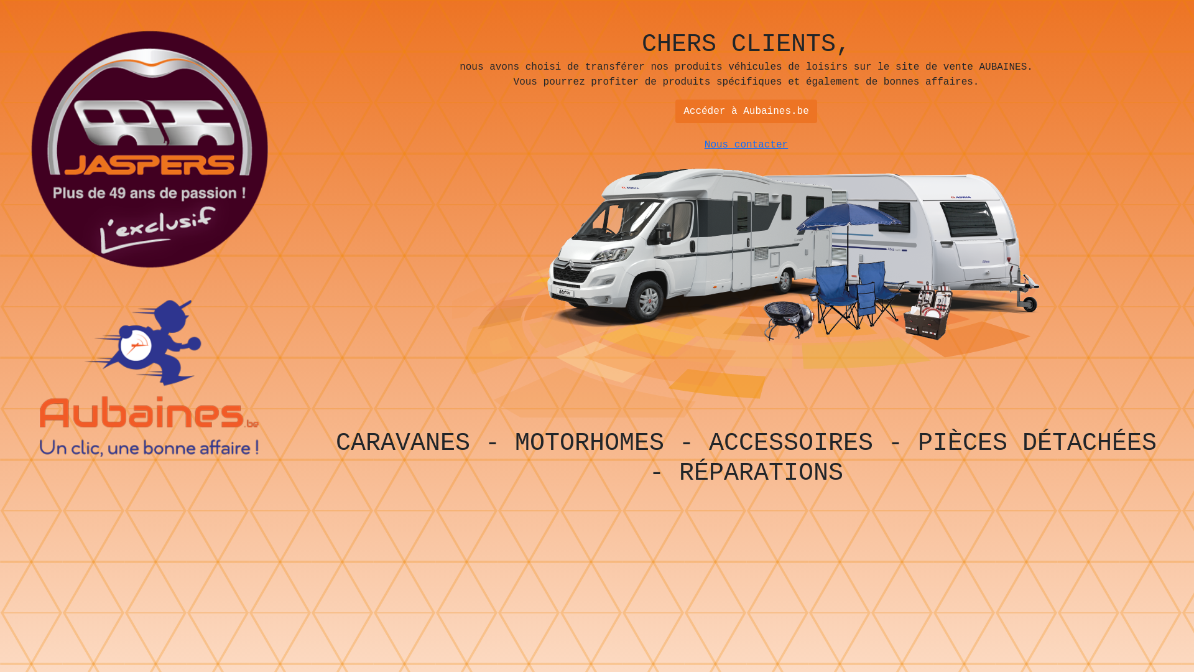  What do you see at coordinates (746, 144) in the screenshot?
I see `'Nous contacter'` at bounding box center [746, 144].